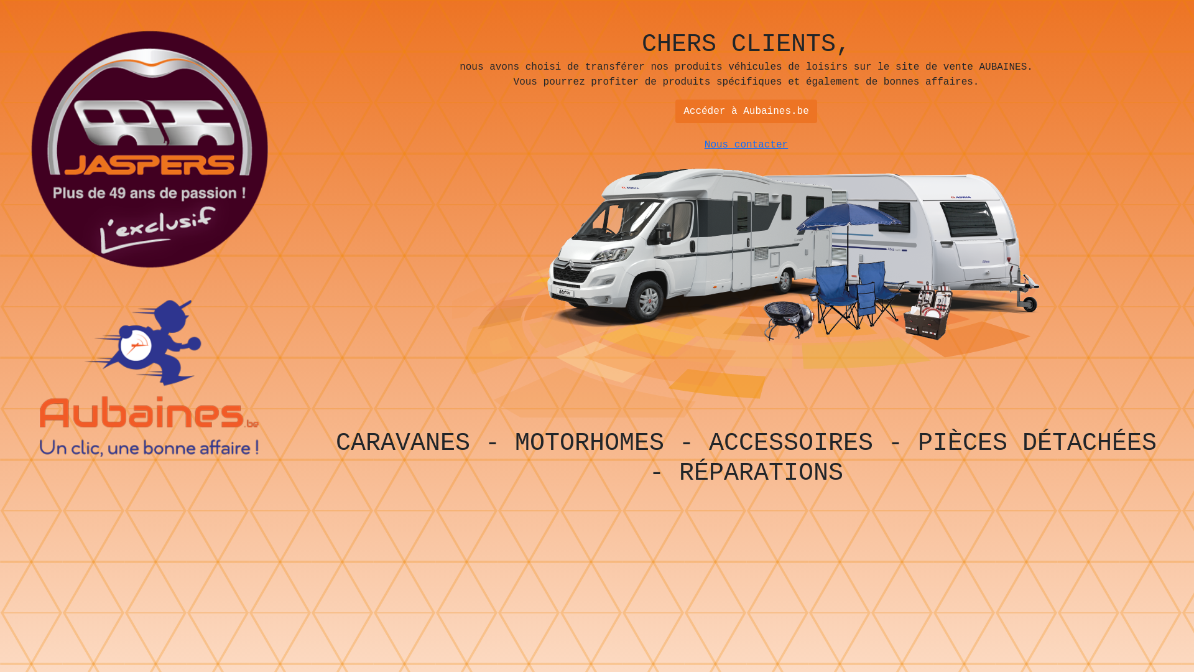  What do you see at coordinates (746, 144) in the screenshot?
I see `'Nous contacter'` at bounding box center [746, 144].